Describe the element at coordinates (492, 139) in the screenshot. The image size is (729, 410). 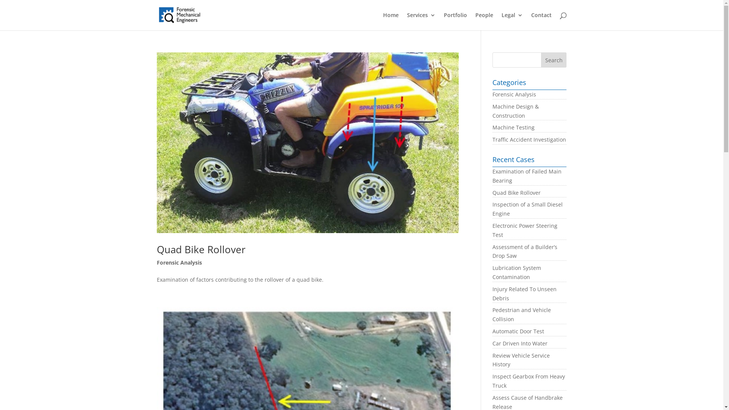
I see `'Traffic Accident Investigation'` at that location.